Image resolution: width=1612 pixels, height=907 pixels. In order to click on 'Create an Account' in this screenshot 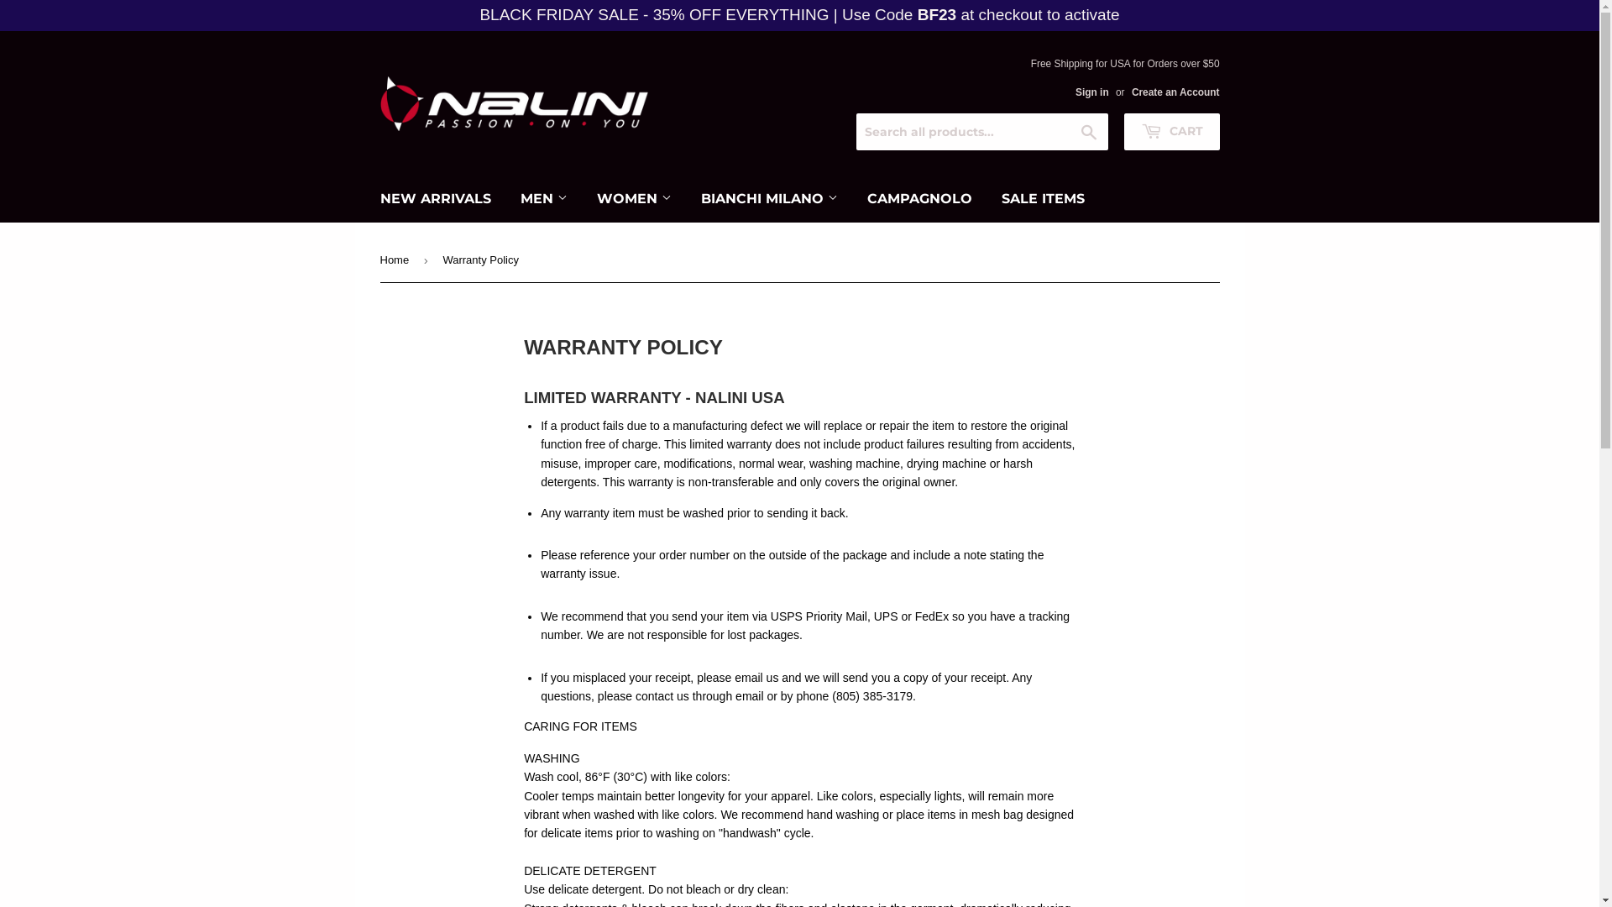, I will do `click(1175, 92)`.